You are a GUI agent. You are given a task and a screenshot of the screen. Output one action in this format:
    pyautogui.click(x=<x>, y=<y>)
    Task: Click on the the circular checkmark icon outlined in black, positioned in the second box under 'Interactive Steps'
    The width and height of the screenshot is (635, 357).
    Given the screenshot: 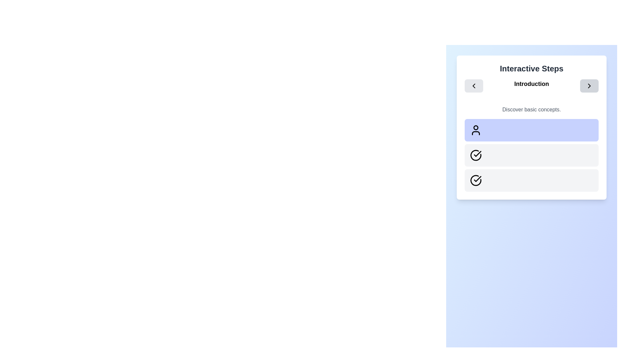 What is the action you would take?
    pyautogui.click(x=476, y=180)
    